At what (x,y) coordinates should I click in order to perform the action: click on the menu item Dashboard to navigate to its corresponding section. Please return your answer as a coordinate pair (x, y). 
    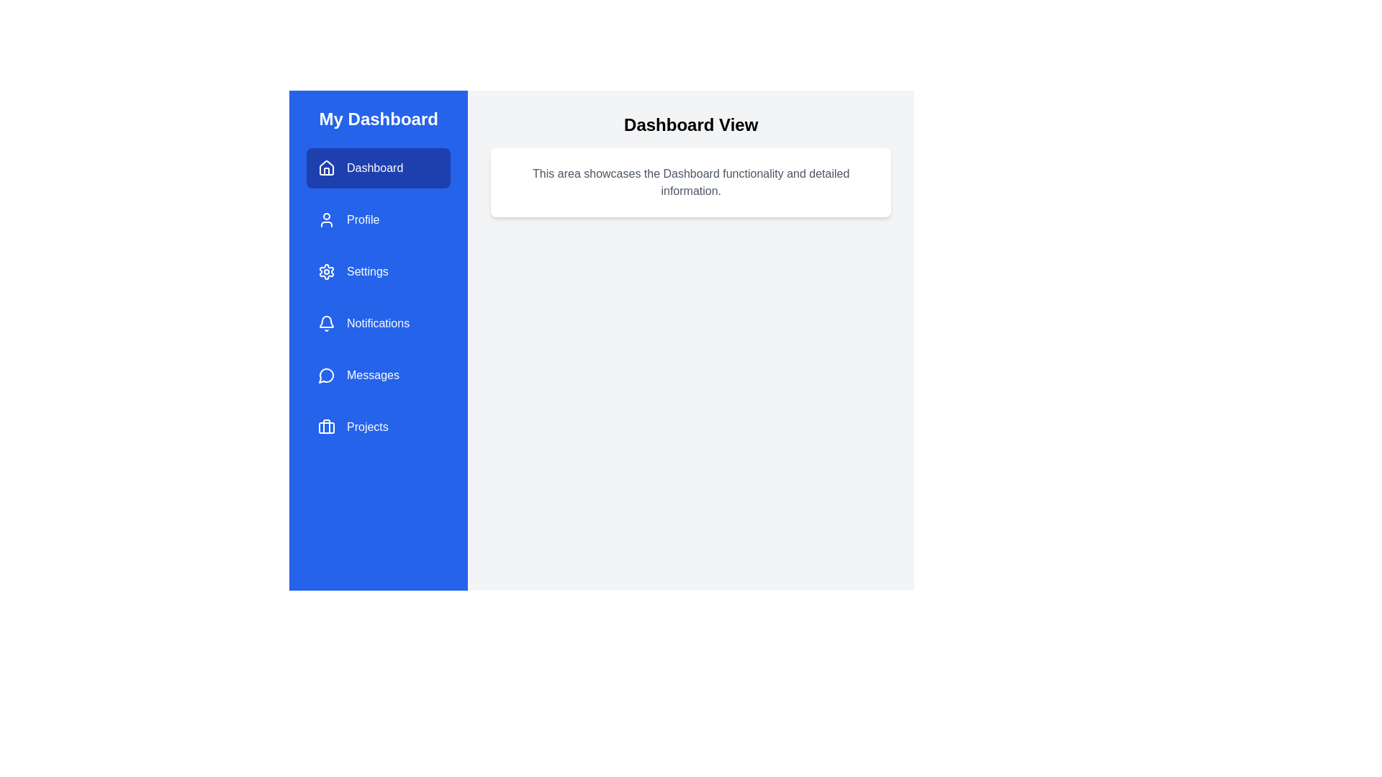
    Looking at the image, I should click on (379, 168).